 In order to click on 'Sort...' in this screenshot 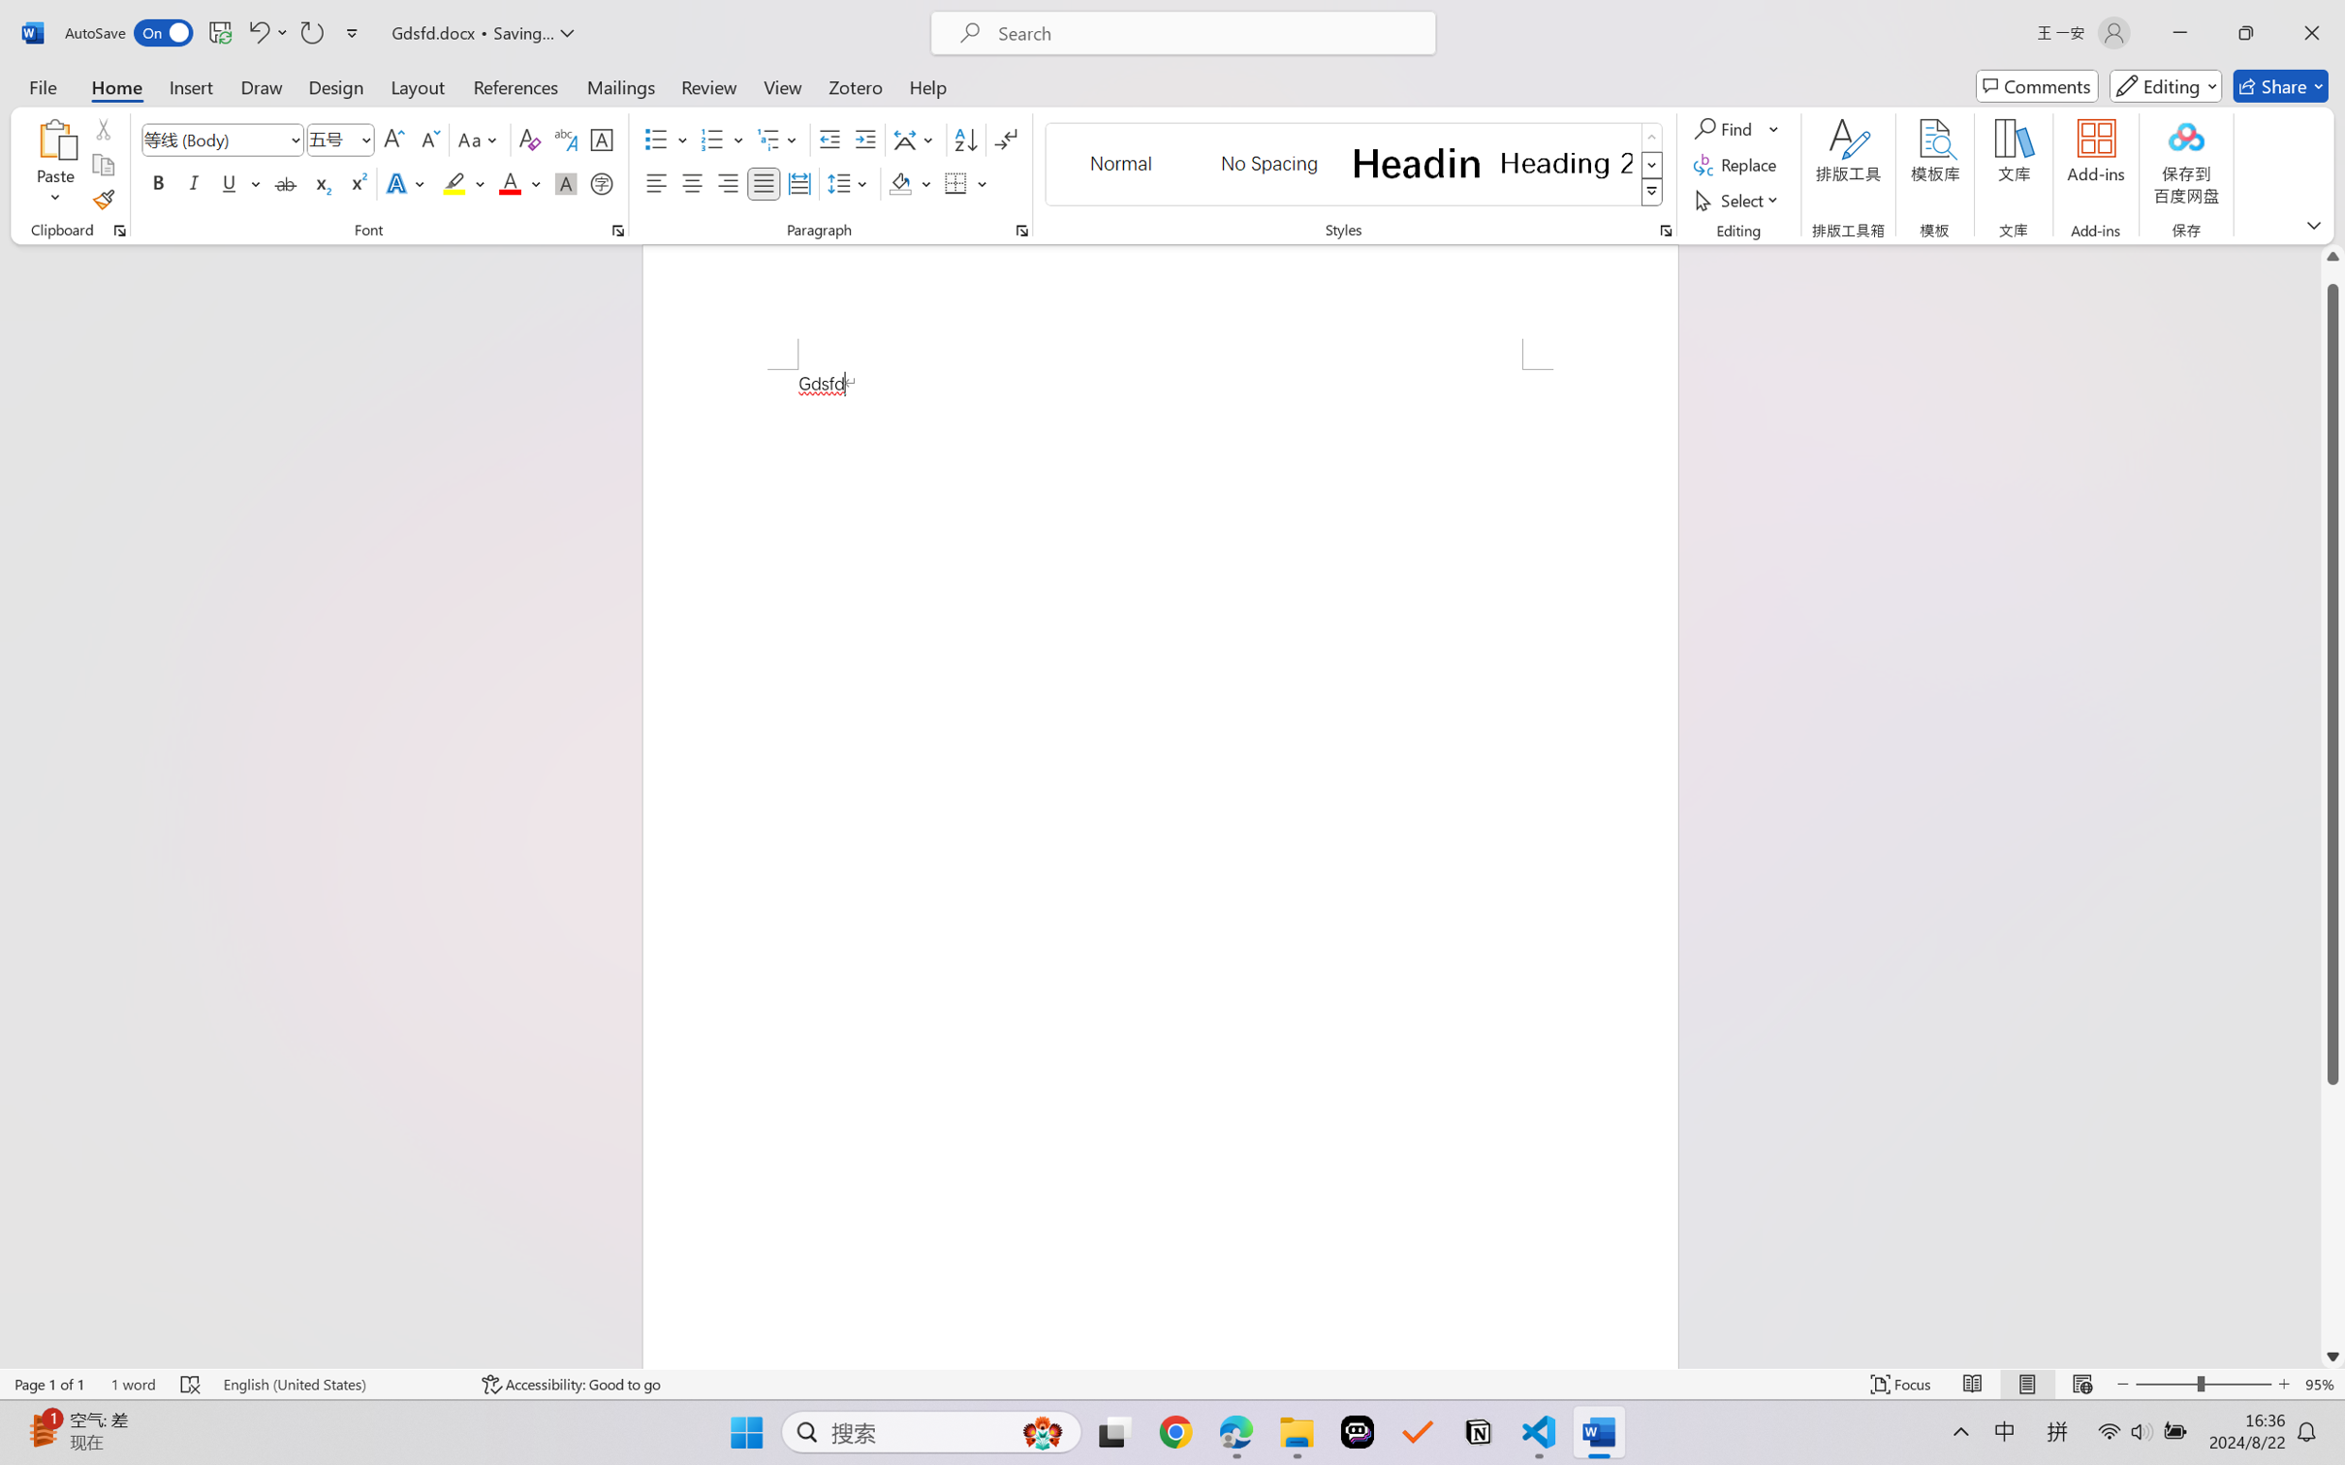, I will do `click(965, 140)`.